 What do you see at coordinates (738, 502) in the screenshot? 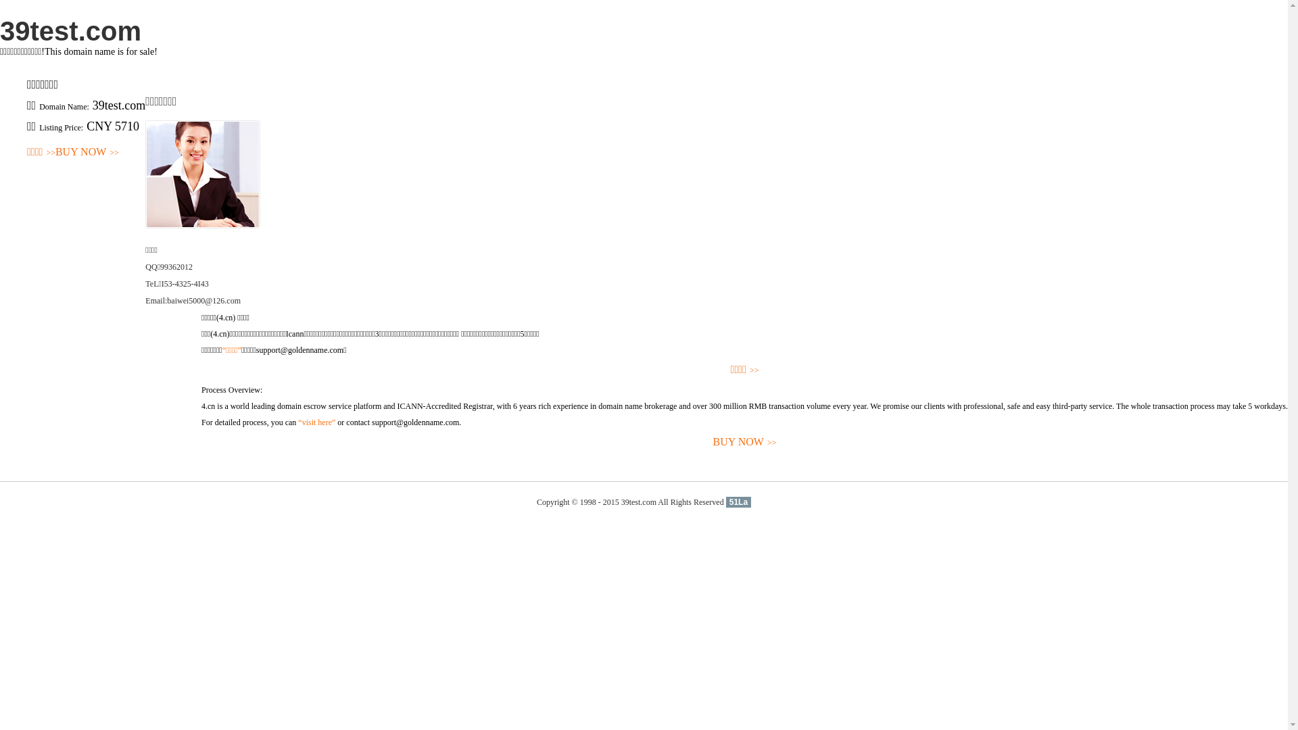
I see `'51La'` at bounding box center [738, 502].